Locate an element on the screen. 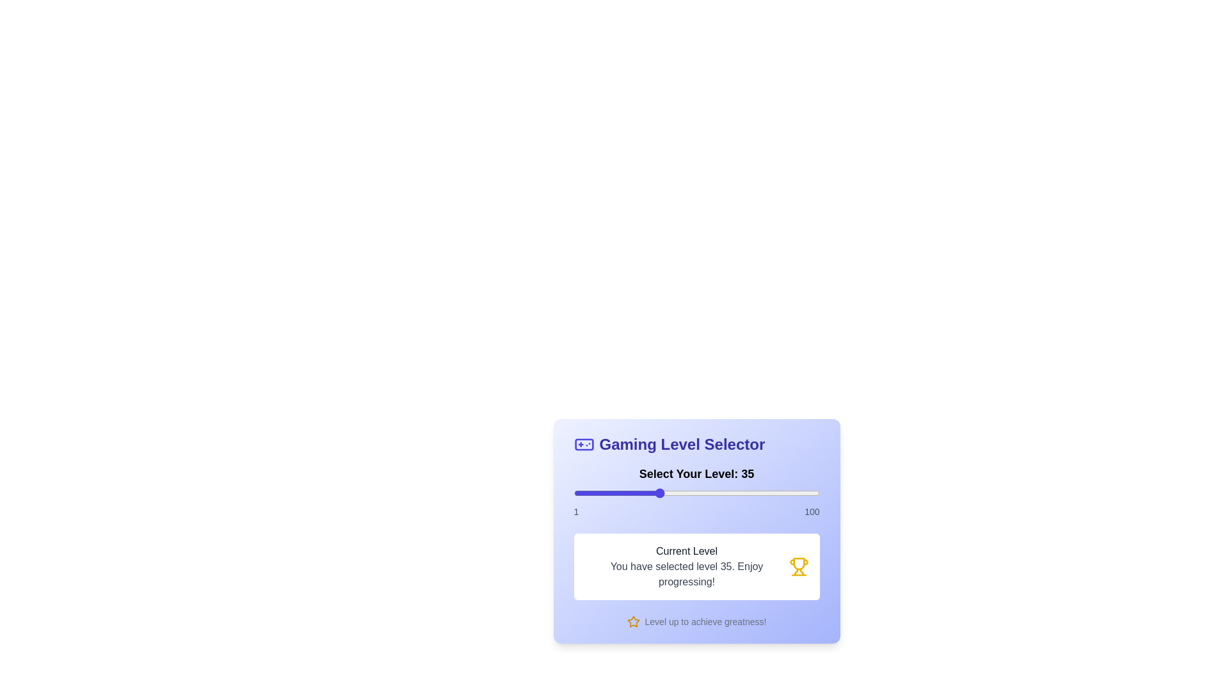 This screenshot has width=1229, height=691. the Decorative icon that represents the theme of the component related to gaming activities, located to the left of the 'Gaming Level Selector' text in the header section of the card component is located at coordinates (583, 443).